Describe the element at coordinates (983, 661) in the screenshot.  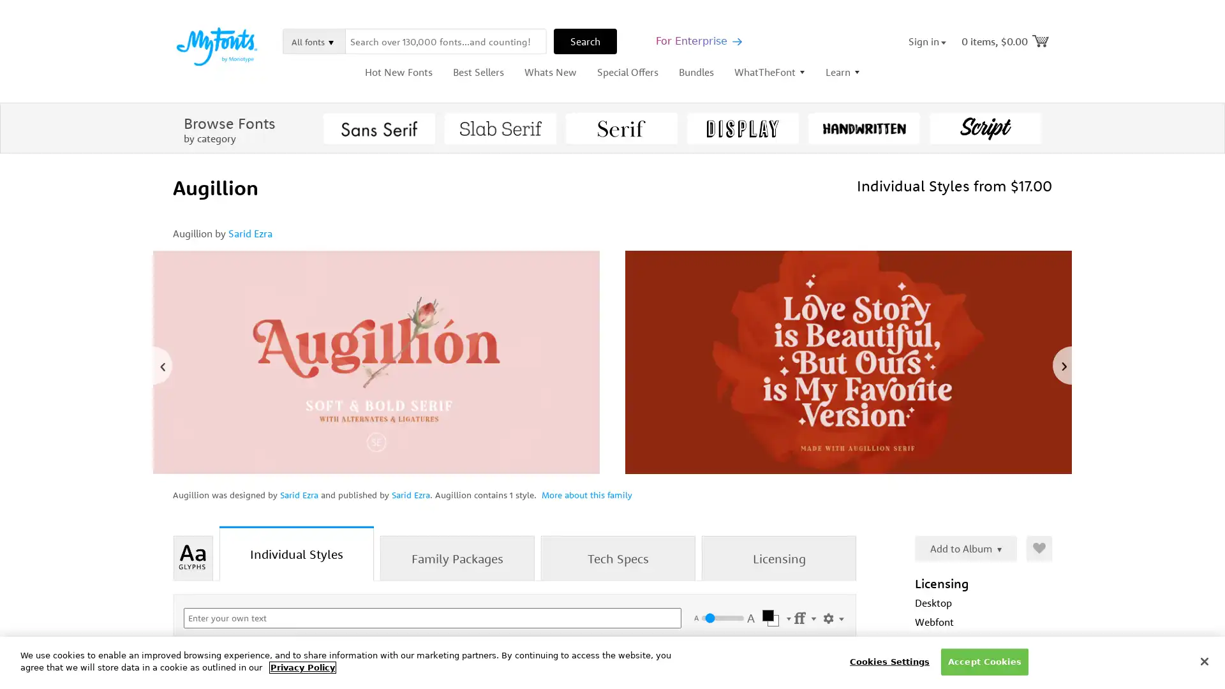
I see `Accept Cookies` at that location.